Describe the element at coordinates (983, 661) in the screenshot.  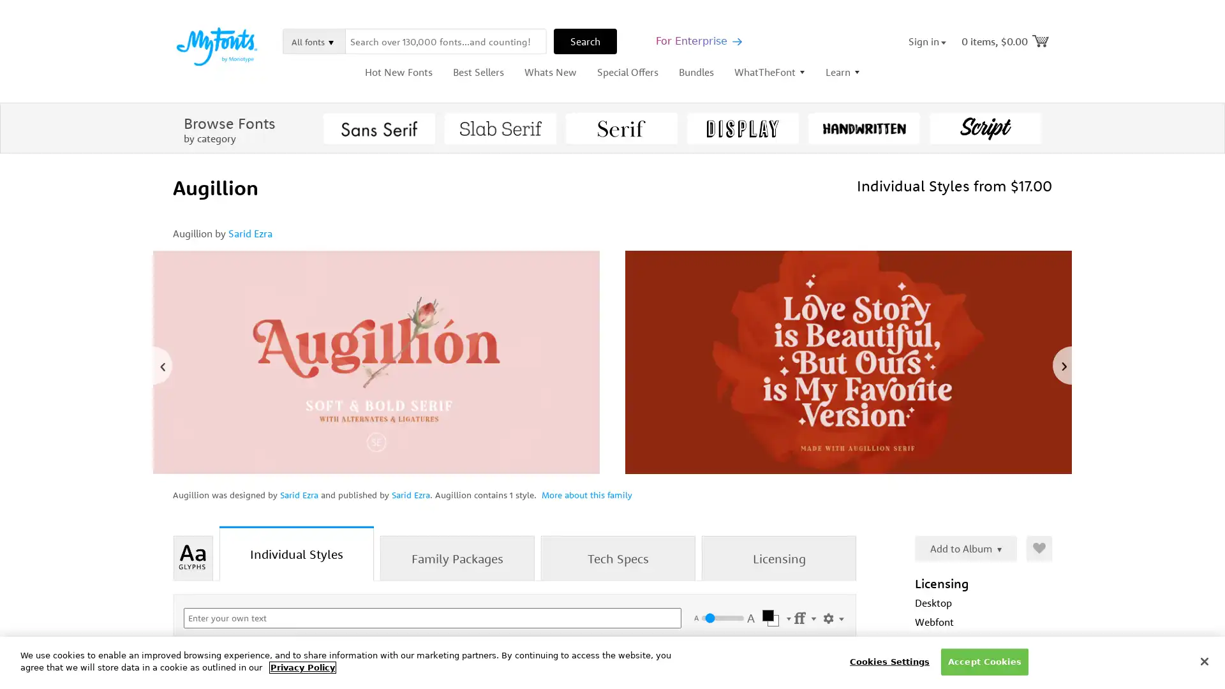
I see `Accept Cookies` at that location.